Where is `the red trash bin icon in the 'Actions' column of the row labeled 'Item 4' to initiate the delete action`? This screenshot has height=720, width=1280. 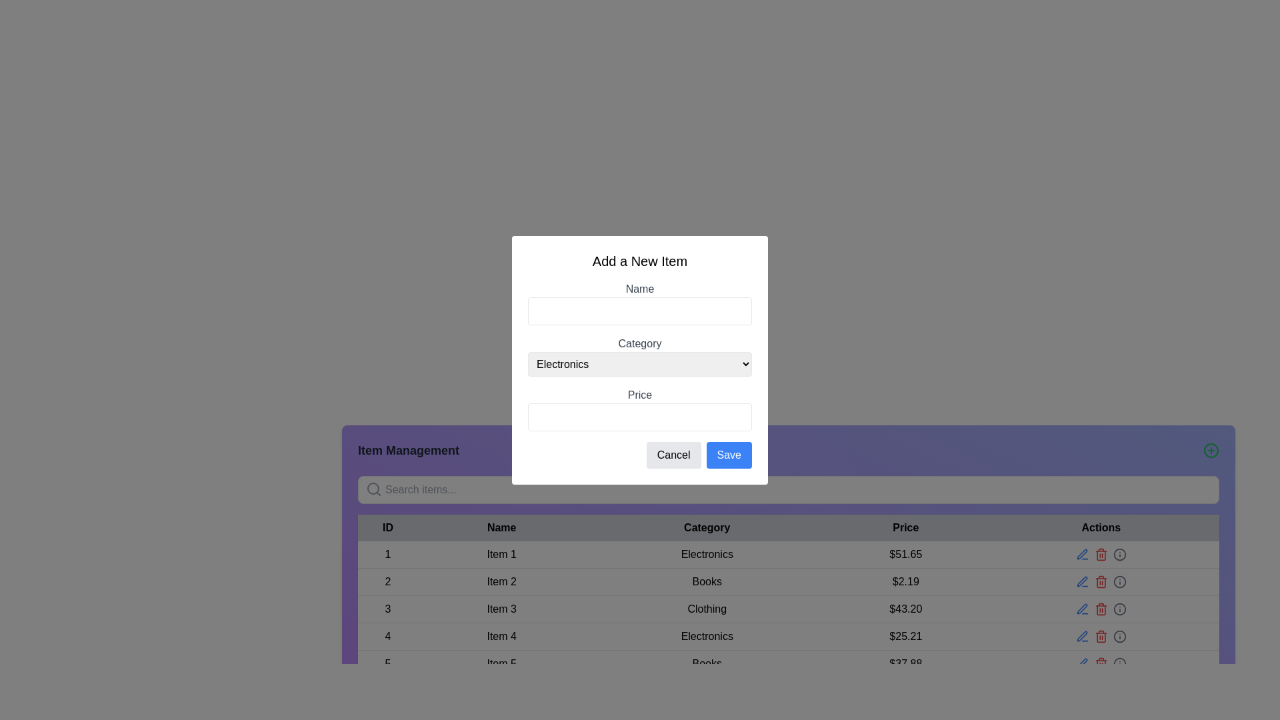 the red trash bin icon in the 'Actions' column of the row labeled 'Item 4' to initiate the delete action is located at coordinates (1101, 636).